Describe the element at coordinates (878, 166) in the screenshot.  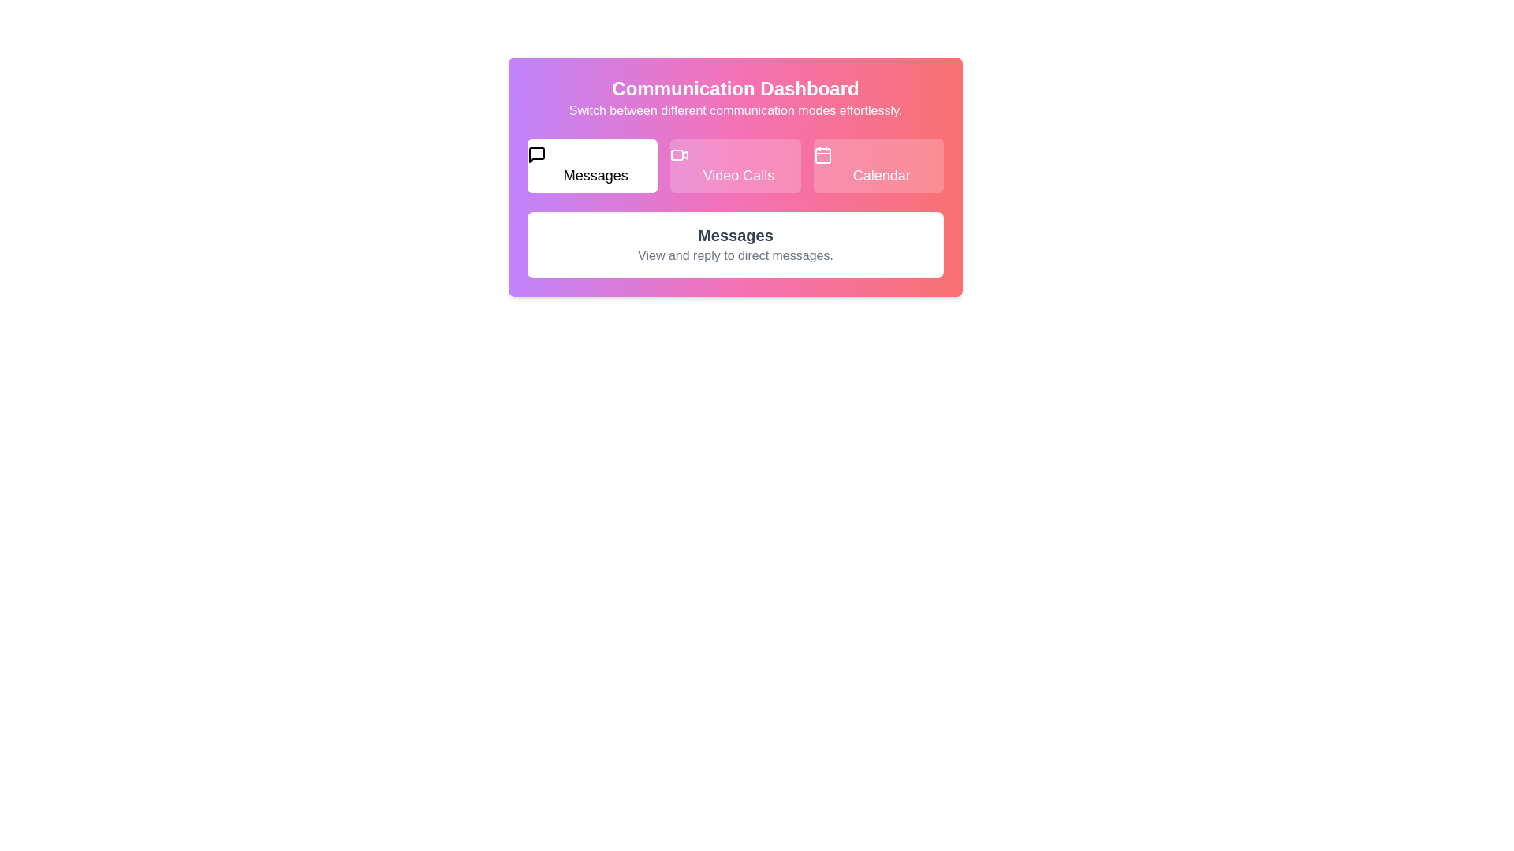
I see `the Calendar tab to explore its content` at that location.